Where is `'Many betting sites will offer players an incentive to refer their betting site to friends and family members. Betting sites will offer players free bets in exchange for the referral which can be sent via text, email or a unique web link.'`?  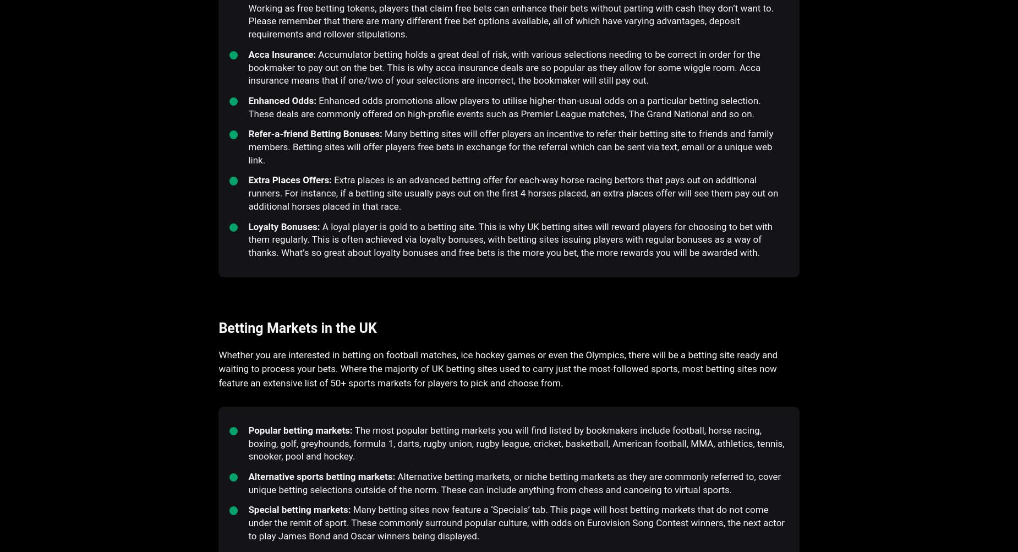
'Many betting sites will offer players an incentive to refer their betting site to friends and family members. Betting sites will offer players free bets in exchange for the referral which can be sent via text, email or a unique web link.' is located at coordinates (510, 146).